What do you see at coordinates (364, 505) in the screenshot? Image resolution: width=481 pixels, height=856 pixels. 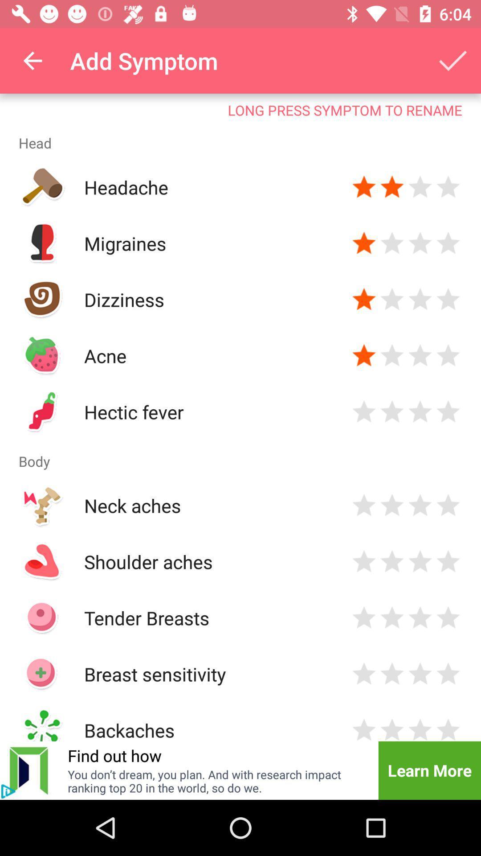 I see `rate item 1 star` at bounding box center [364, 505].